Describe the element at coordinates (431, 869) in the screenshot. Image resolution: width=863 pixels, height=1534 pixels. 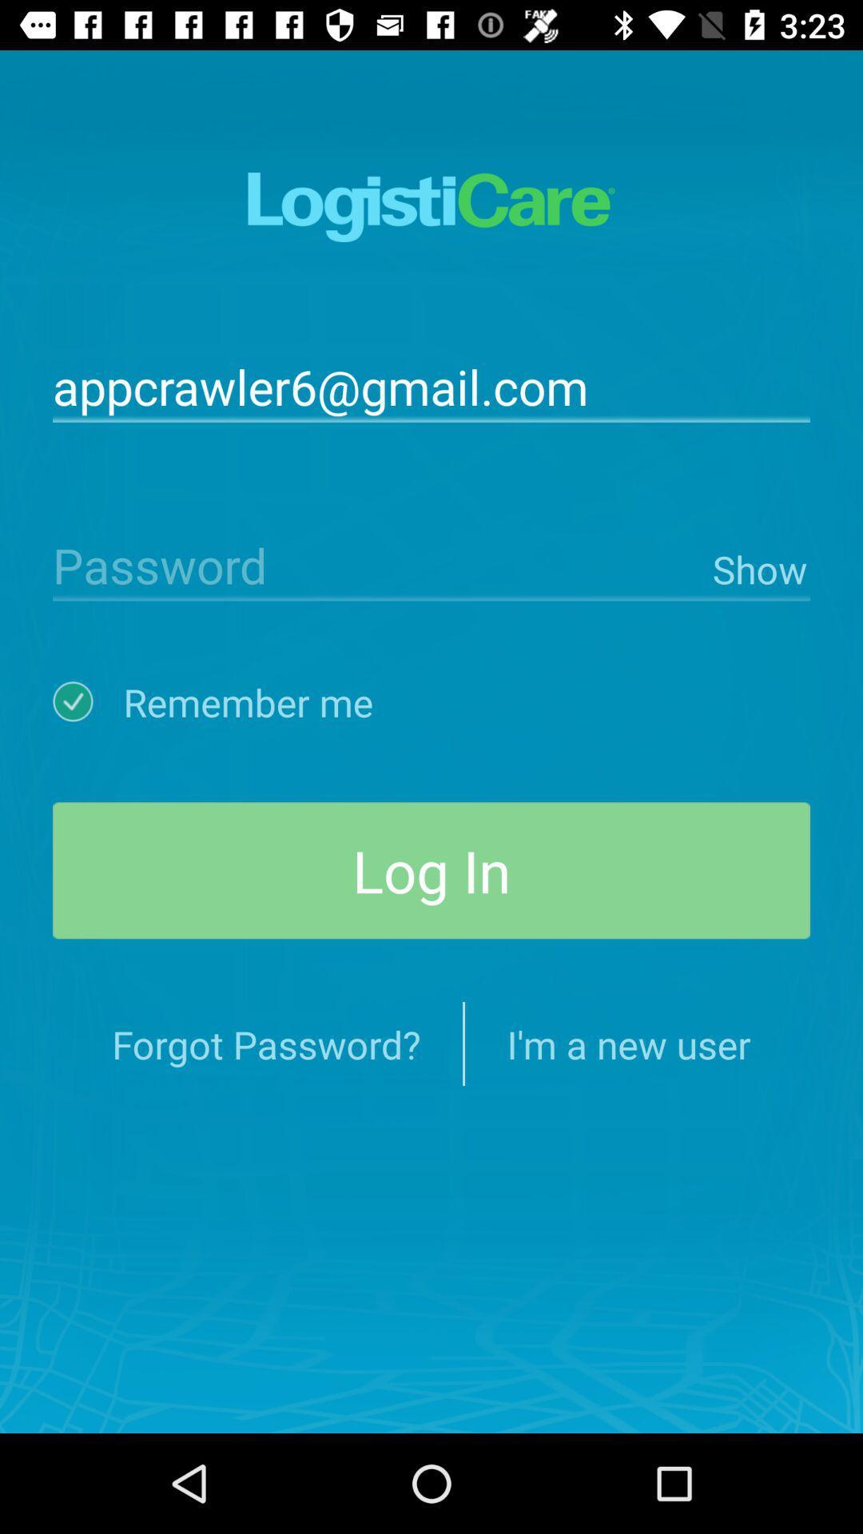
I see `the log in item` at that location.